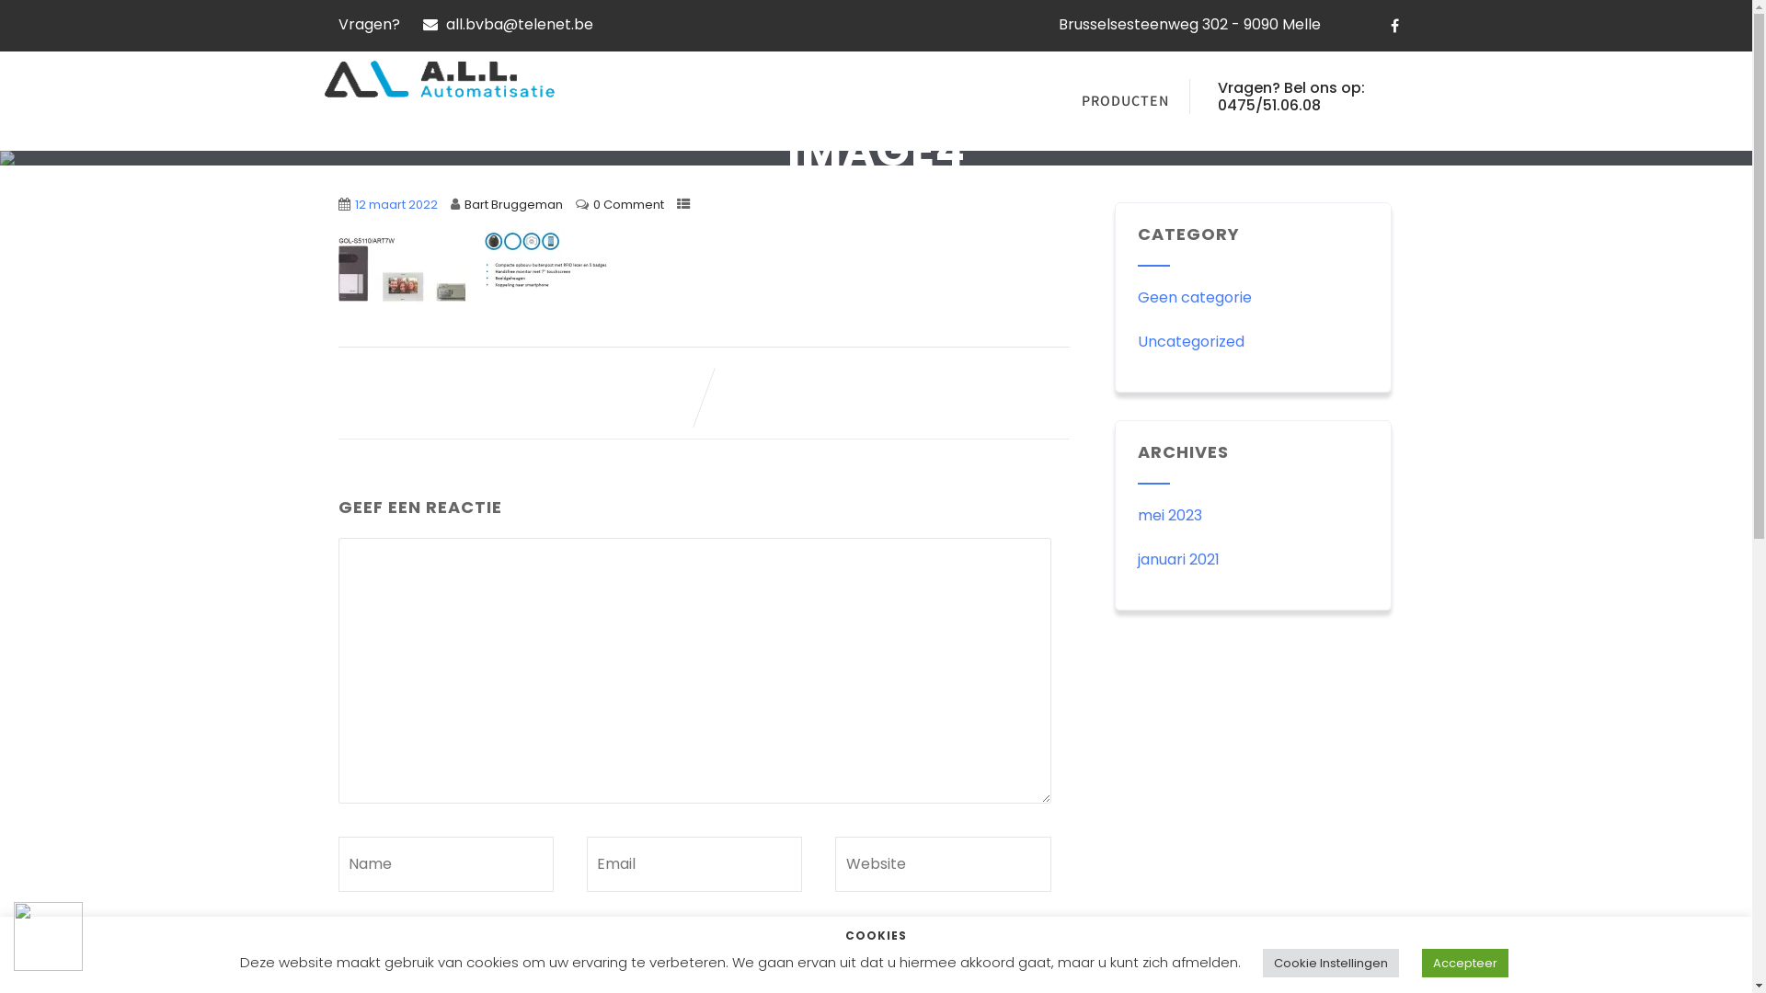 This screenshot has width=1766, height=993. I want to click on 'Cookie Instellingen', so click(1329, 962).